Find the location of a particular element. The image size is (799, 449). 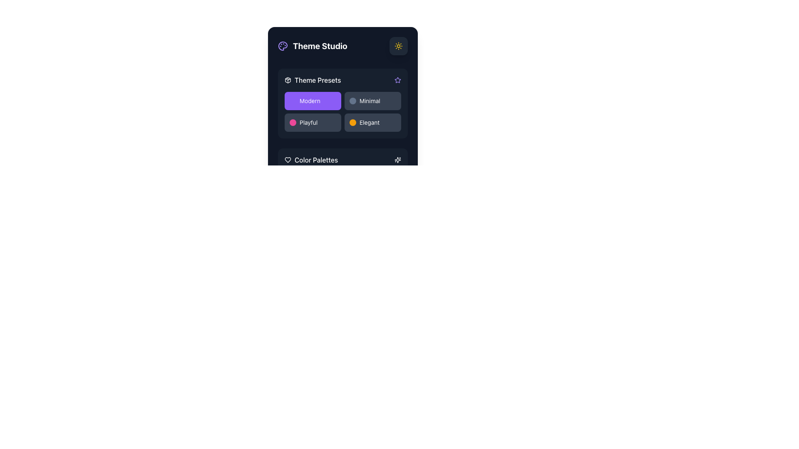

the heart-shaped icon filled with a dark color, located in the middle right section of the interface within a vertical stack of items is located at coordinates (288, 160).